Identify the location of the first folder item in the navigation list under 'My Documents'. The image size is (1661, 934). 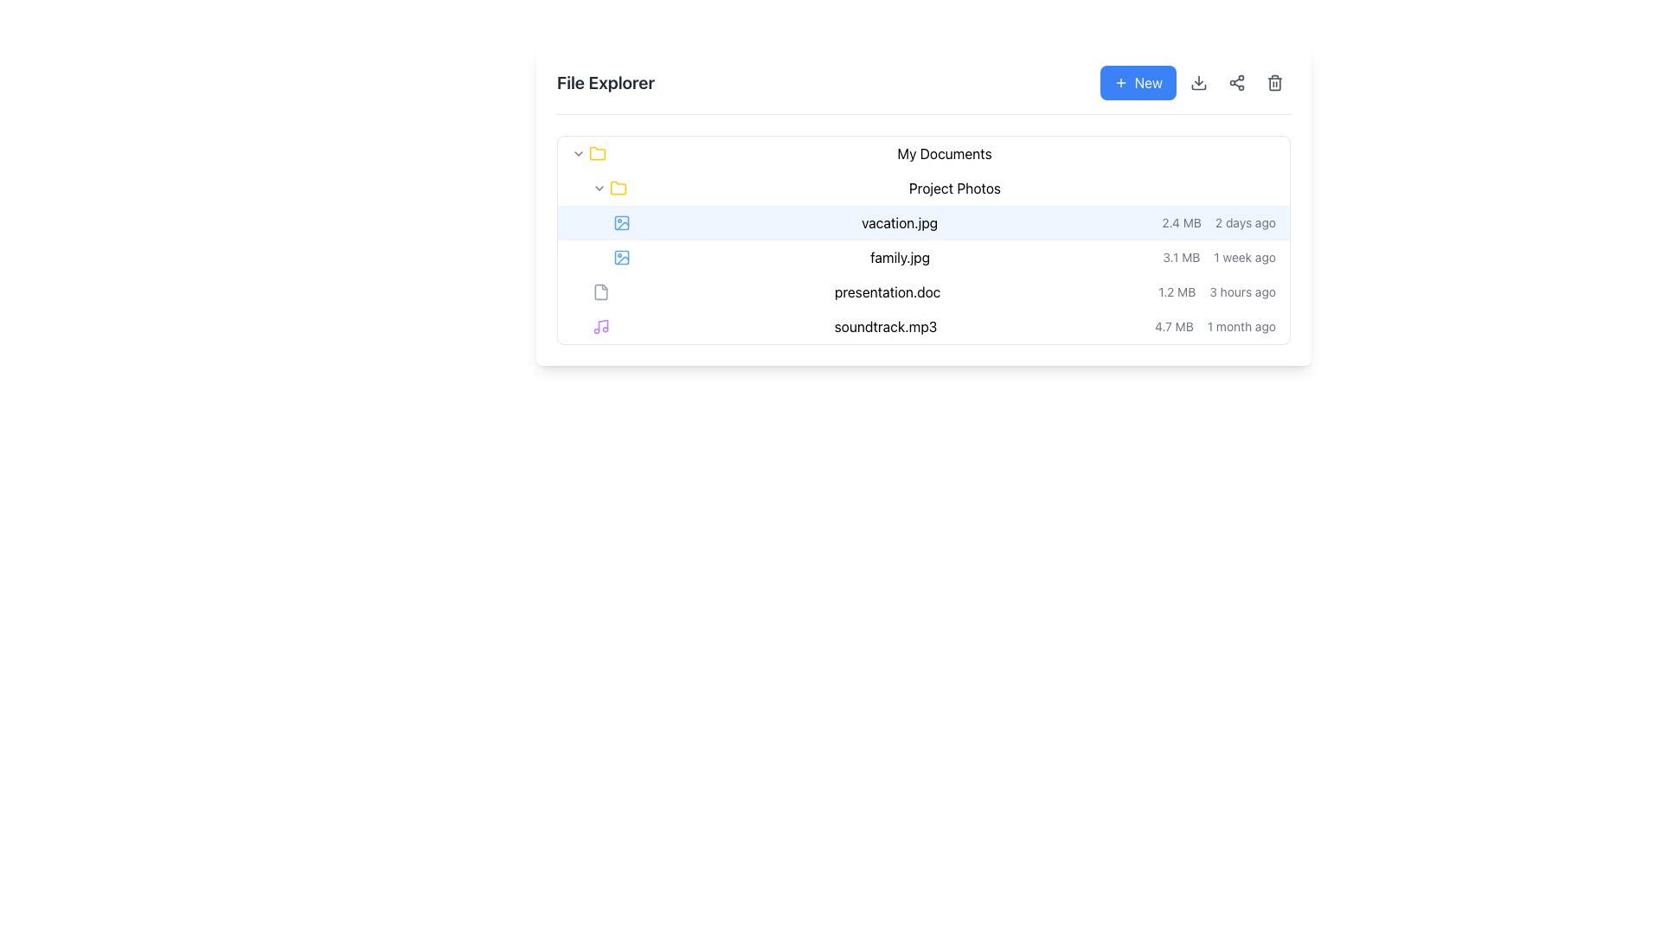
(923, 189).